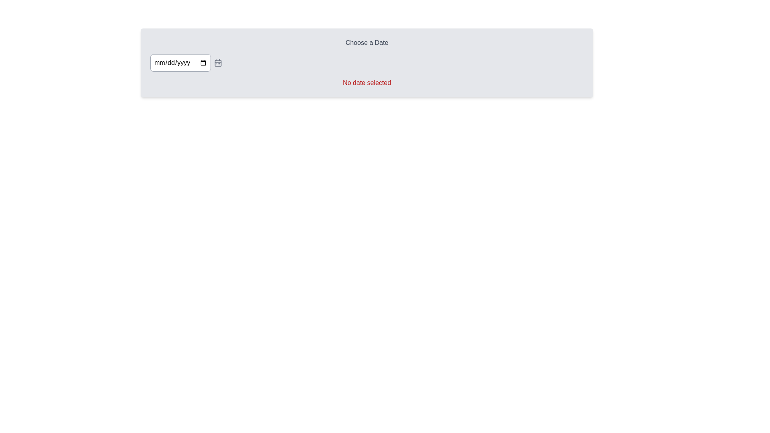  Describe the element at coordinates (367, 83) in the screenshot. I see `the text label displaying 'No date selected', which is styled in red and indicates an error or warning status, located below the date input field and the calendar icon, and horizontally centered within the light gray box labeled 'Choose a Date'` at that location.